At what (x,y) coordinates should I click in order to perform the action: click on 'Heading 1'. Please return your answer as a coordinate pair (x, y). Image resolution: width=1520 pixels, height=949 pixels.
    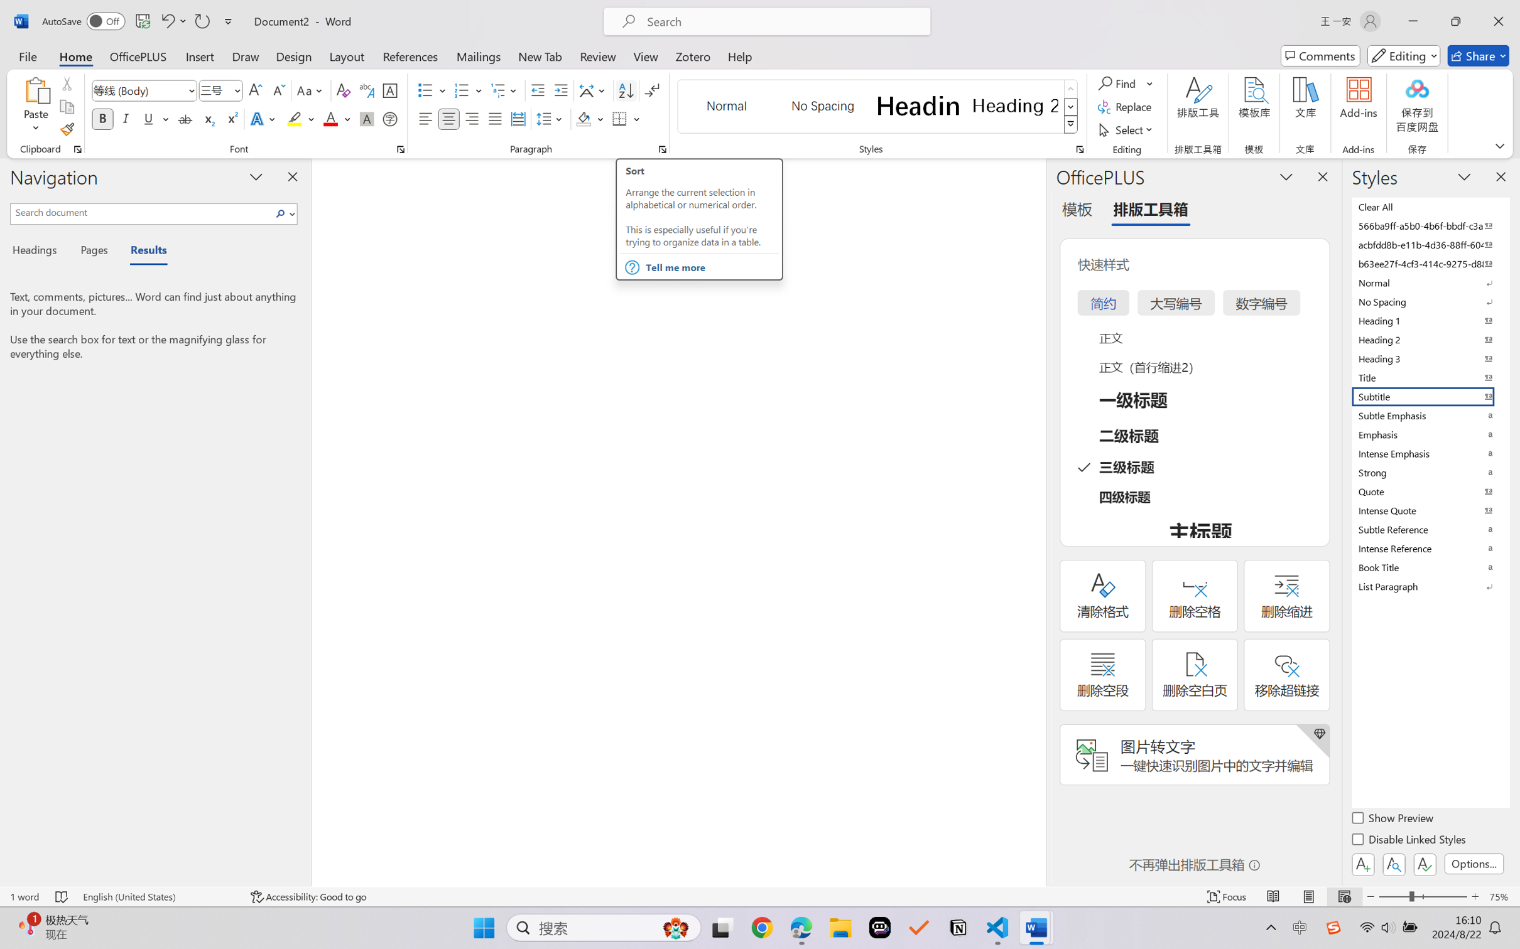
    Looking at the image, I should click on (918, 105).